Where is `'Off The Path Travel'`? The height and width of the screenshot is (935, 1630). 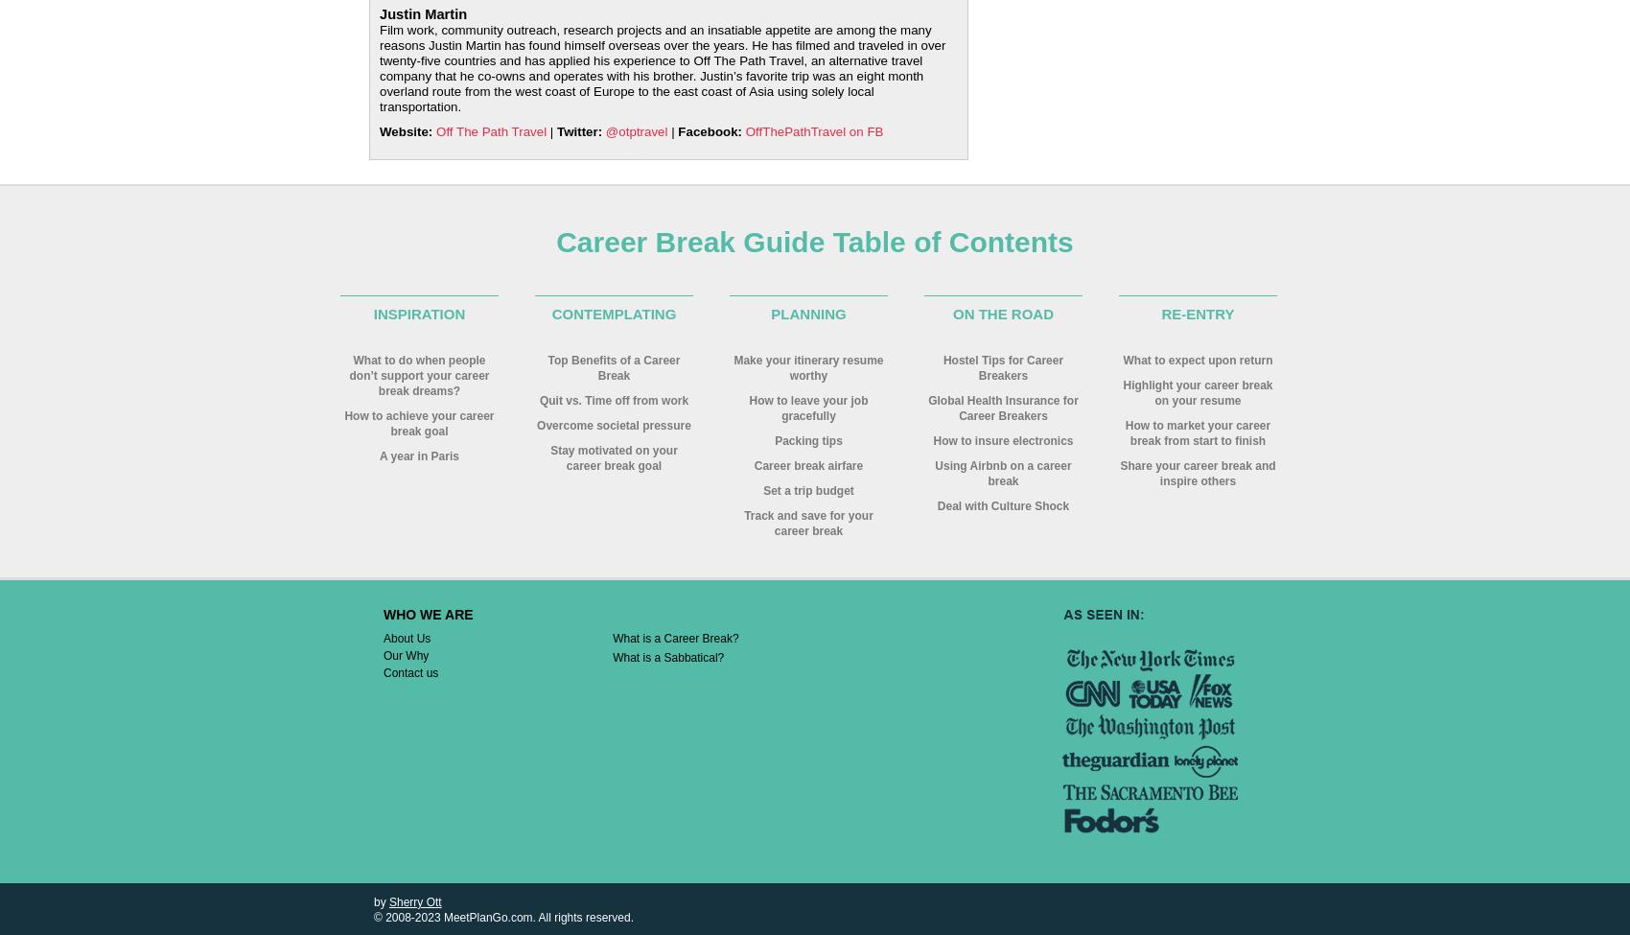
'Off The Path Travel' is located at coordinates (491, 130).